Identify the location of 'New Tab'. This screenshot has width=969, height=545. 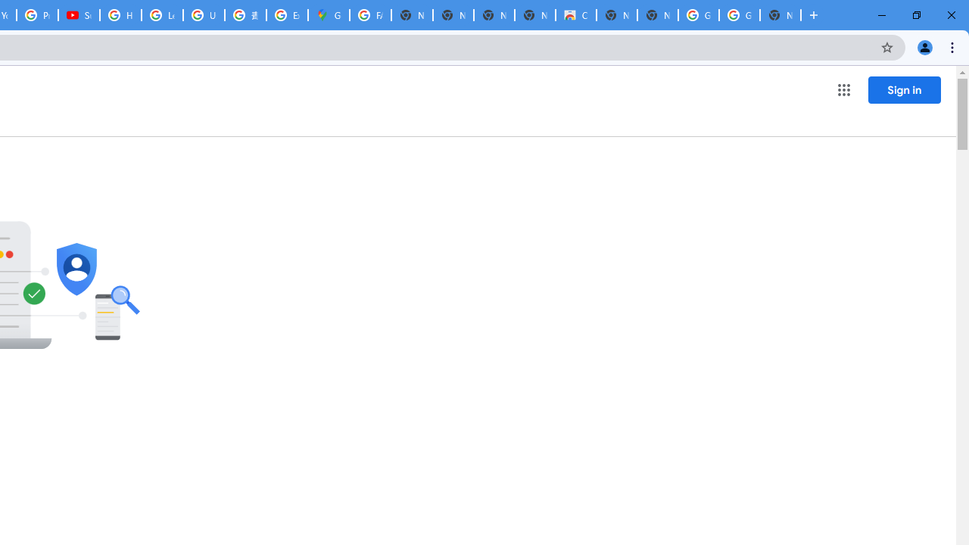
(780, 15).